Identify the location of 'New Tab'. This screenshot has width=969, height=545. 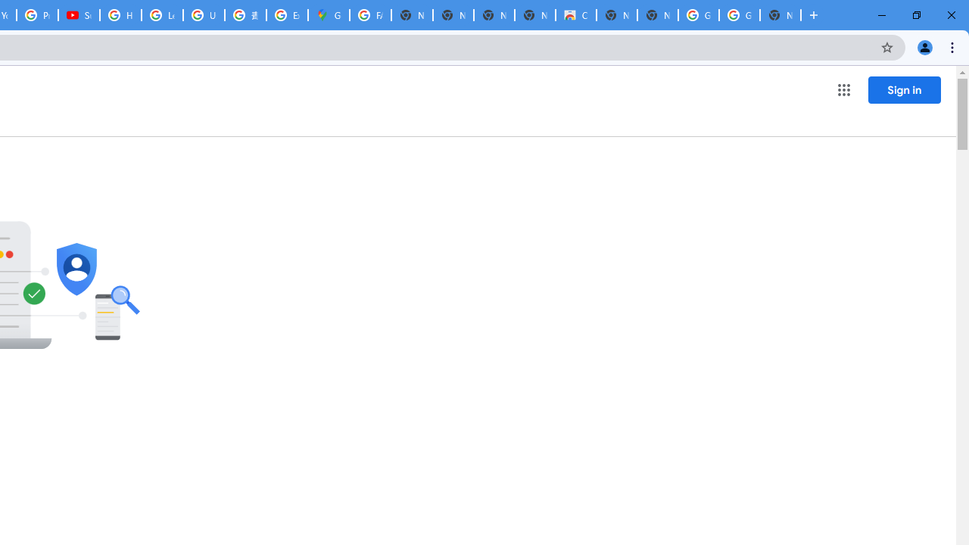
(780, 15).